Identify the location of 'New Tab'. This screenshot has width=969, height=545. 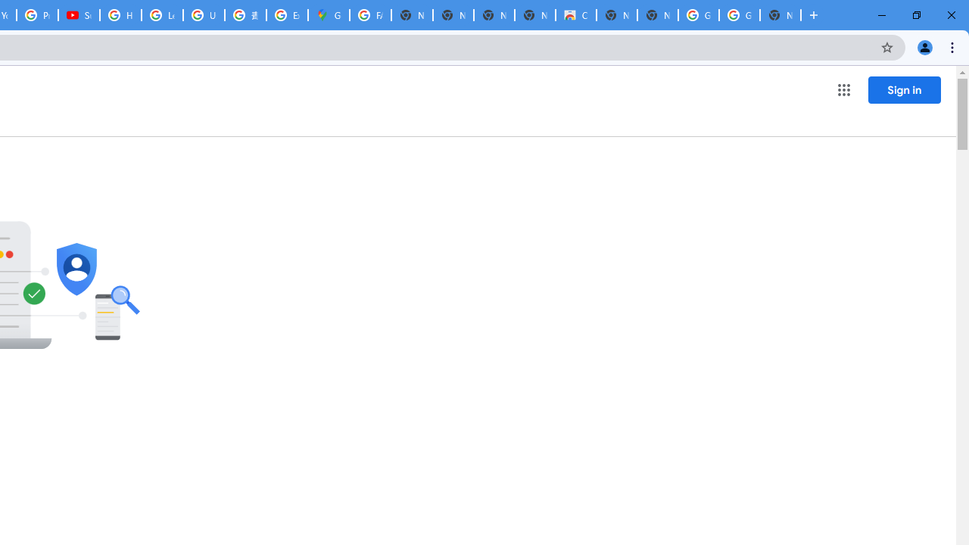
(780, 15).